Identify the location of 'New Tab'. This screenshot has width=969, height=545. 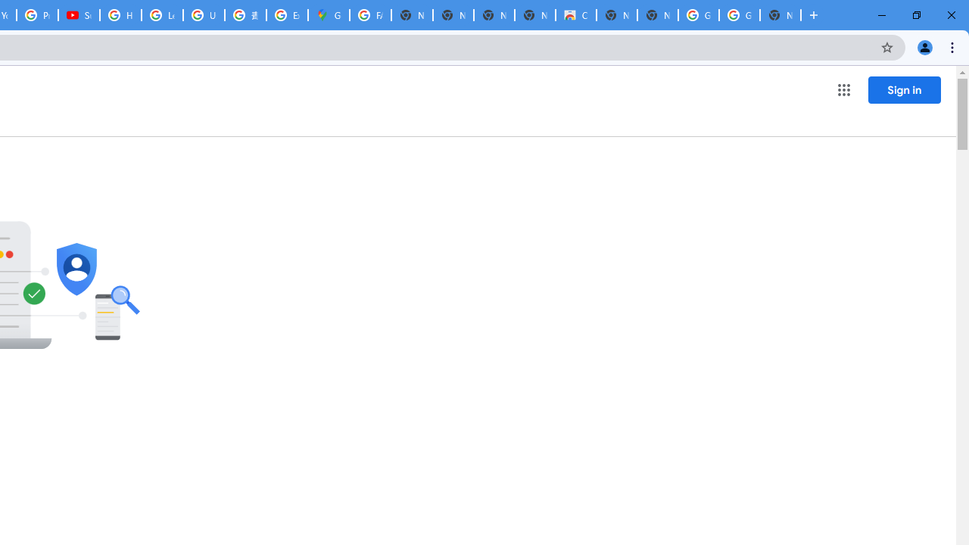
(780, 15).